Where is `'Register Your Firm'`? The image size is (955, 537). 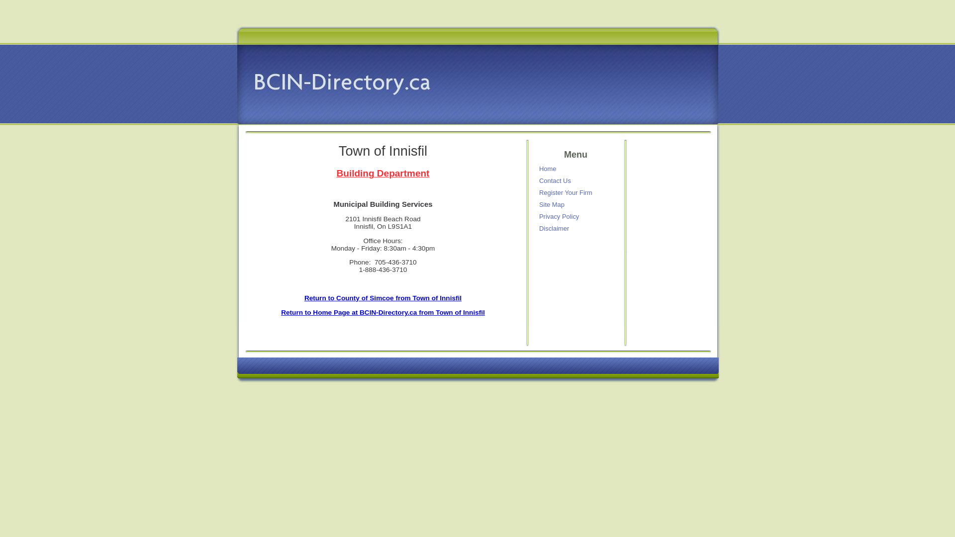
'Register Your Firm' is located at coordinates (577, 192).